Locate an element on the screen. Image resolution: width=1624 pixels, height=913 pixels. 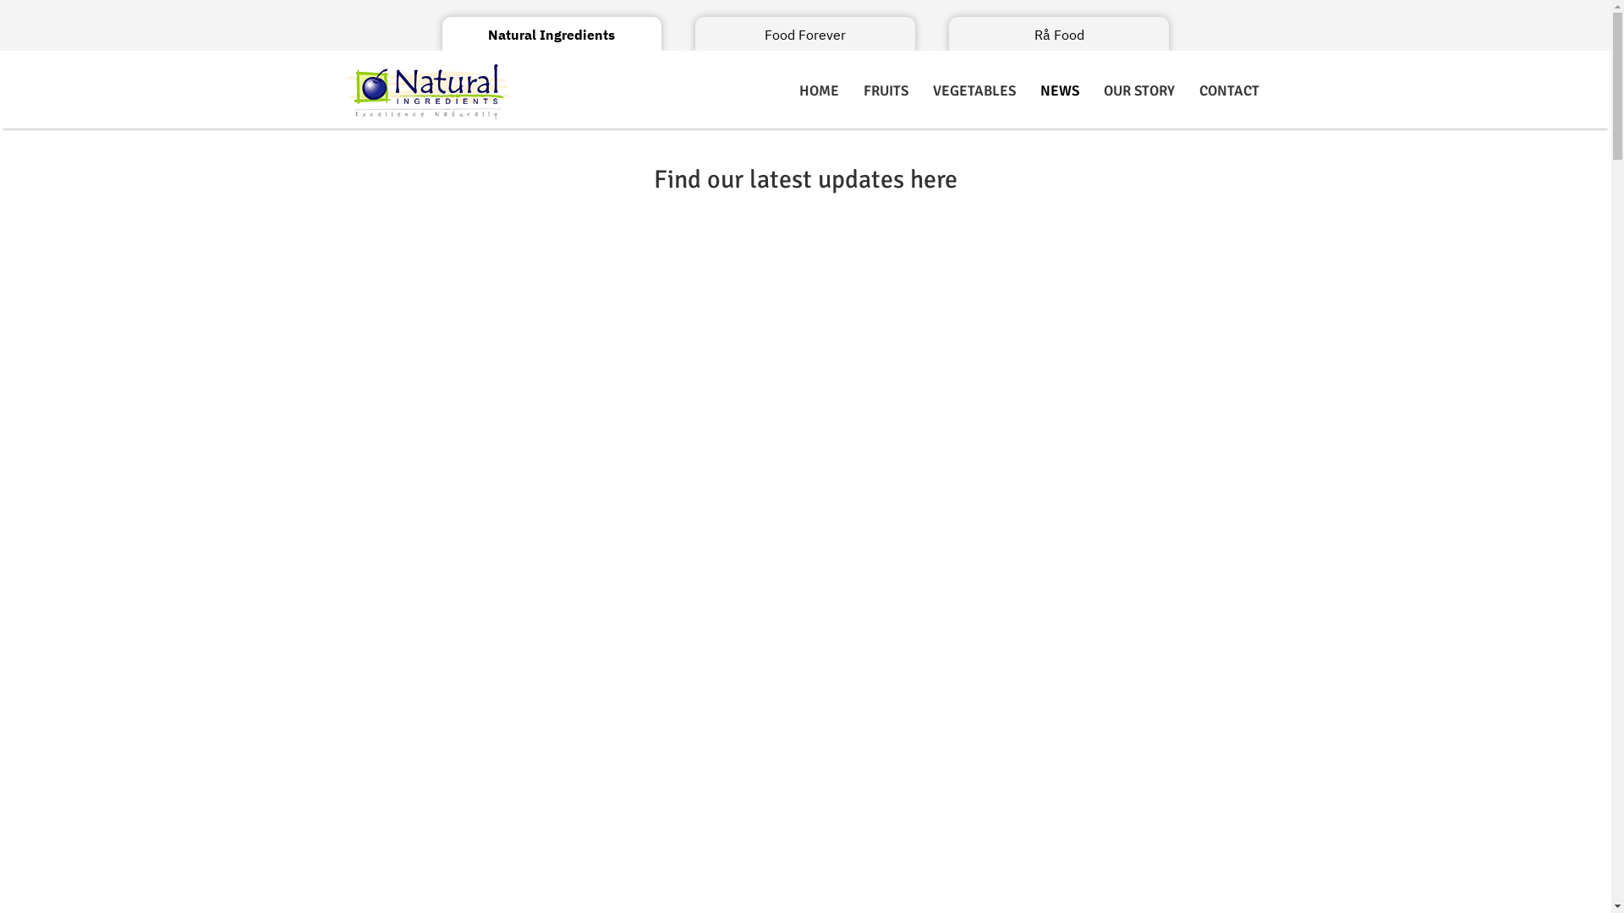
'VEGETABLES' is located at coordinates (920, 91).